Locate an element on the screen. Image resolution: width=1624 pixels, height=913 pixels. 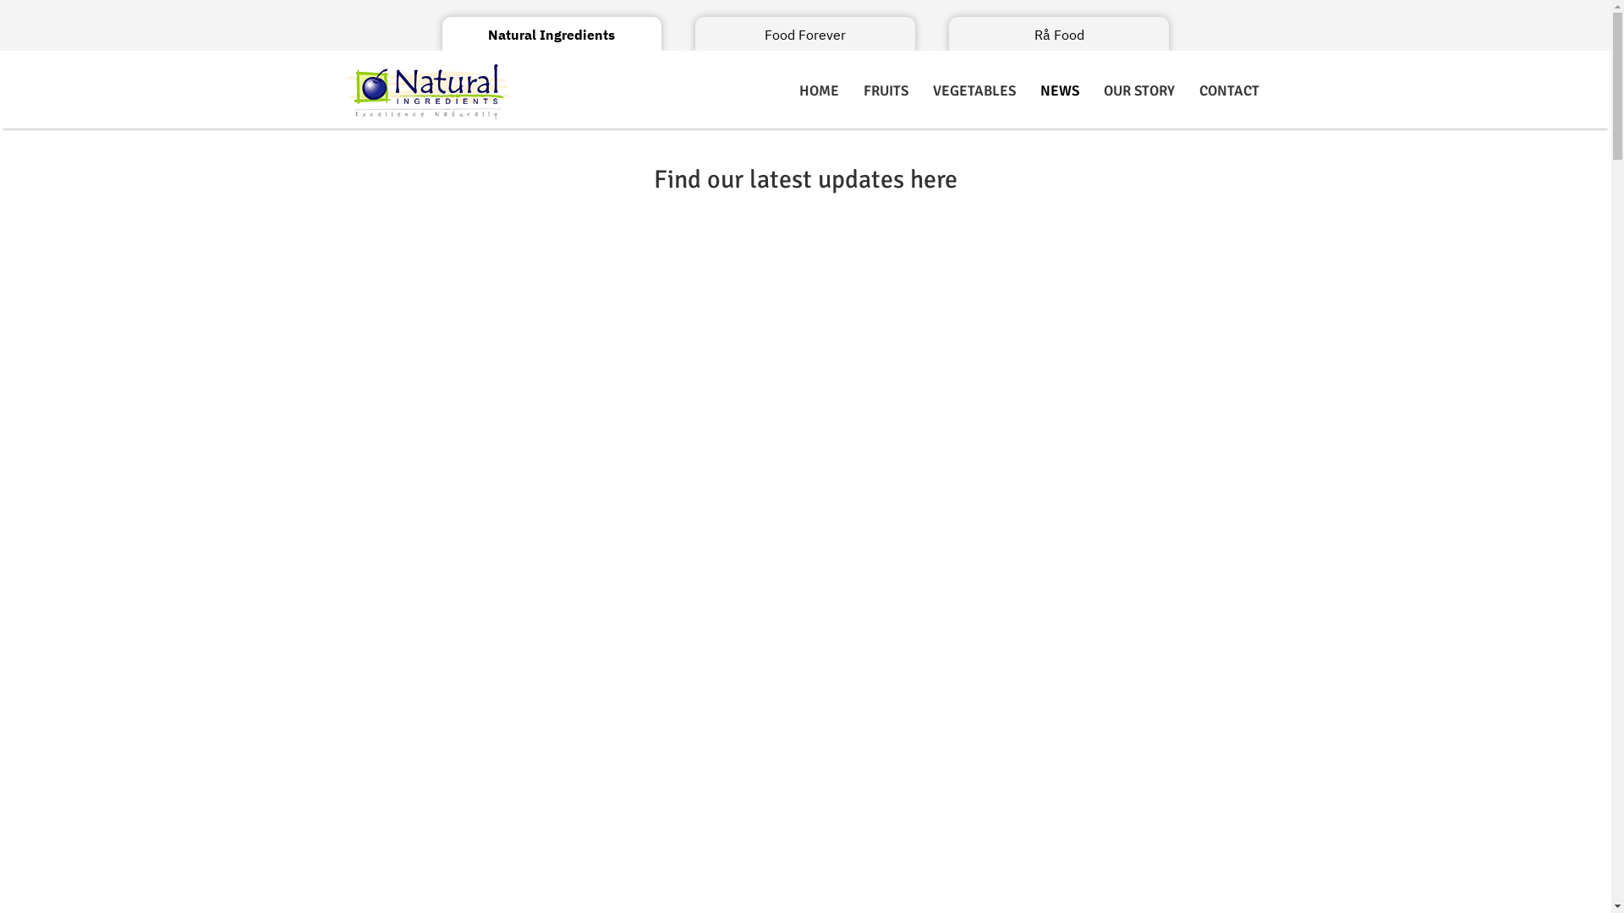
'VEGETABLES' is located at coordinates (920, 91).